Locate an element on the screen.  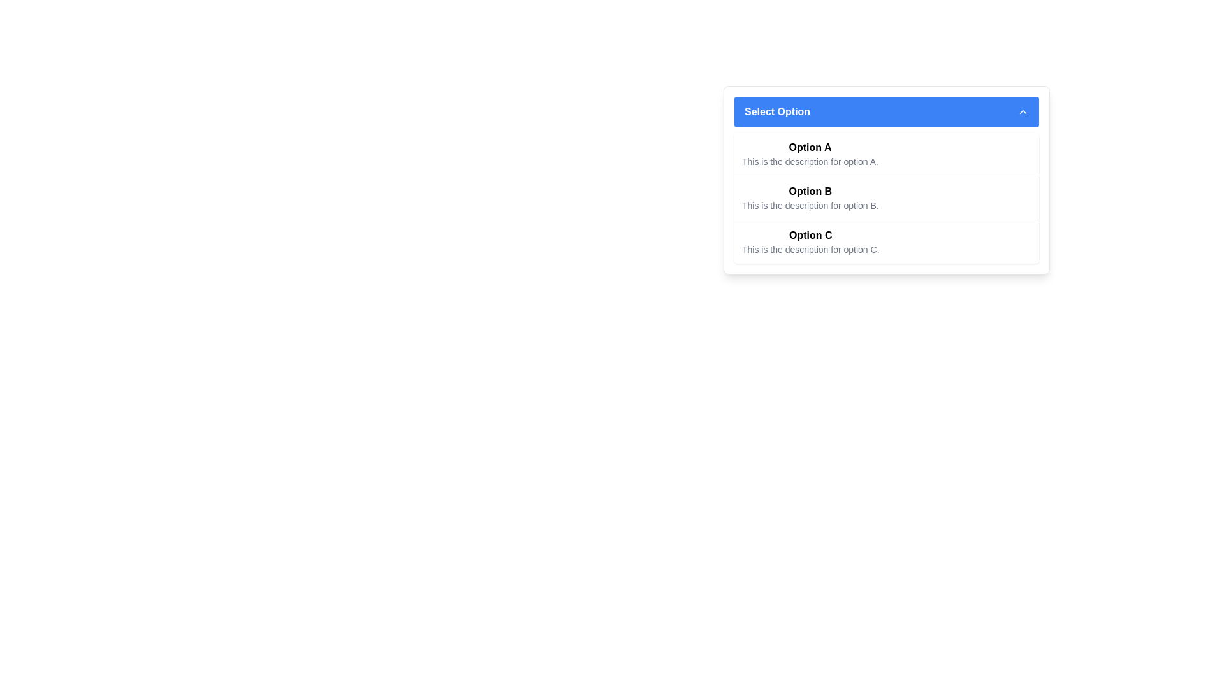
the text description element displaying 'This is the description for option B.' which is located directly below the 'Option B' label in the dropdown menu is located at coordinates (810, 205).